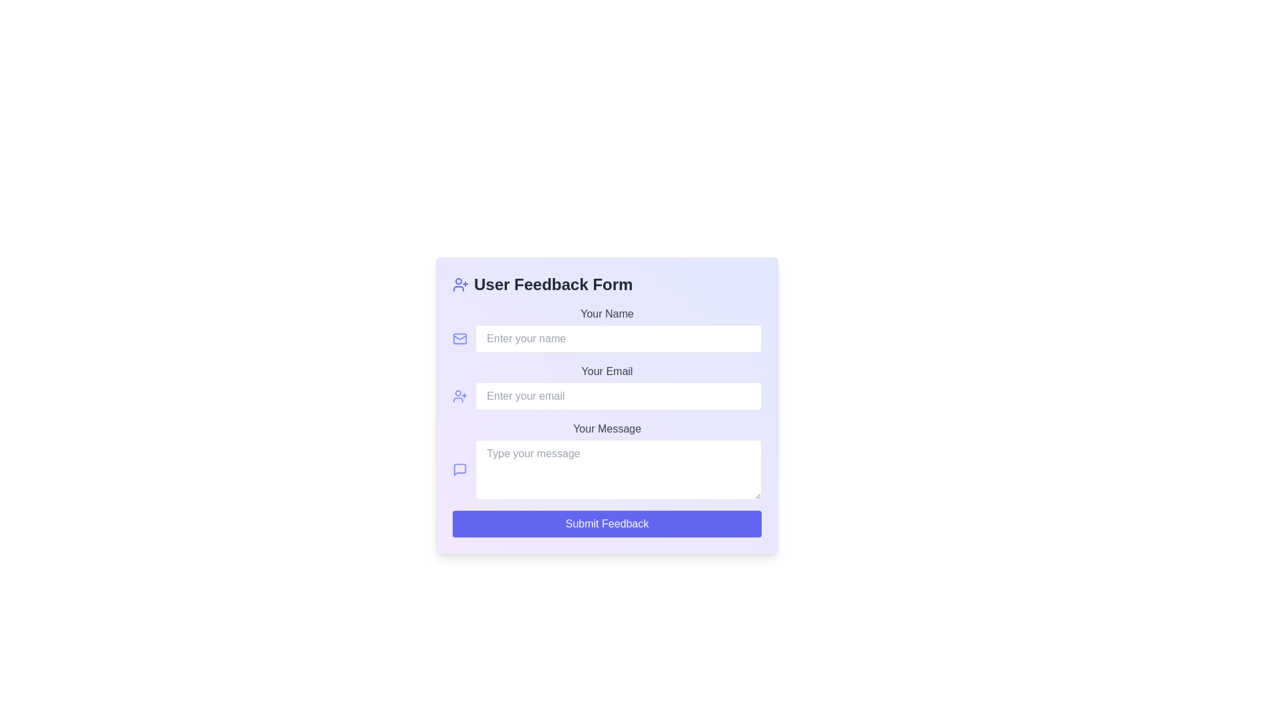  What do you see at coordinates (606, 523) in the screenshot?
I see `the submit button located at the bottom of the feedback form layout` at bounding box center [606, 523].